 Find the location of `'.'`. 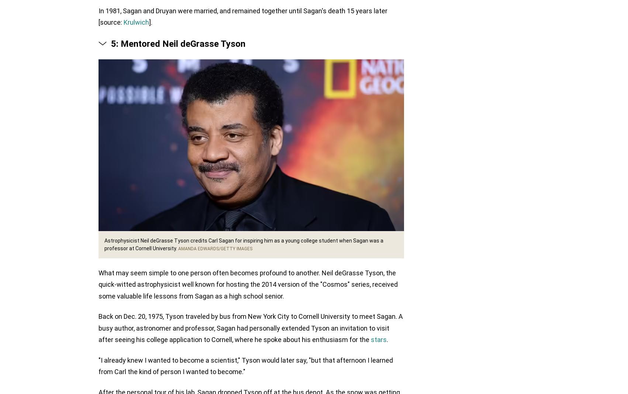

'.' is located at coordinates (387, 340).